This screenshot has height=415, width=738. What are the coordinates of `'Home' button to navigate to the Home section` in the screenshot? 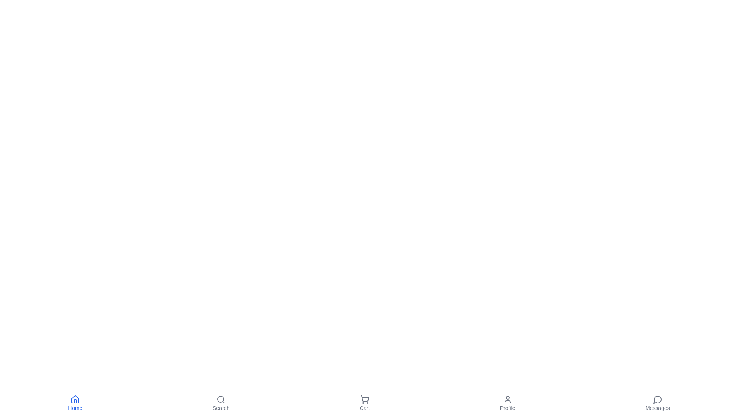 It's located at (75, 403).